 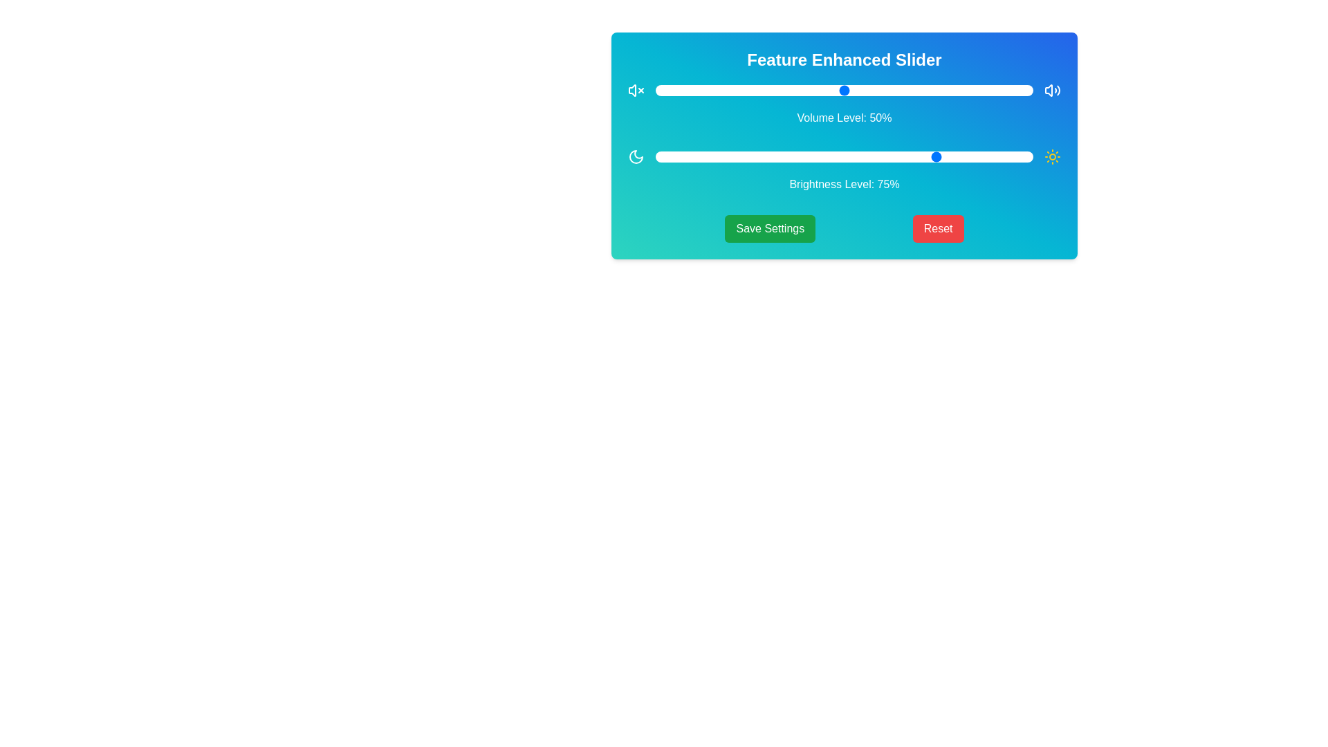 I want to click on brightness level, so click(x=685, y=156).